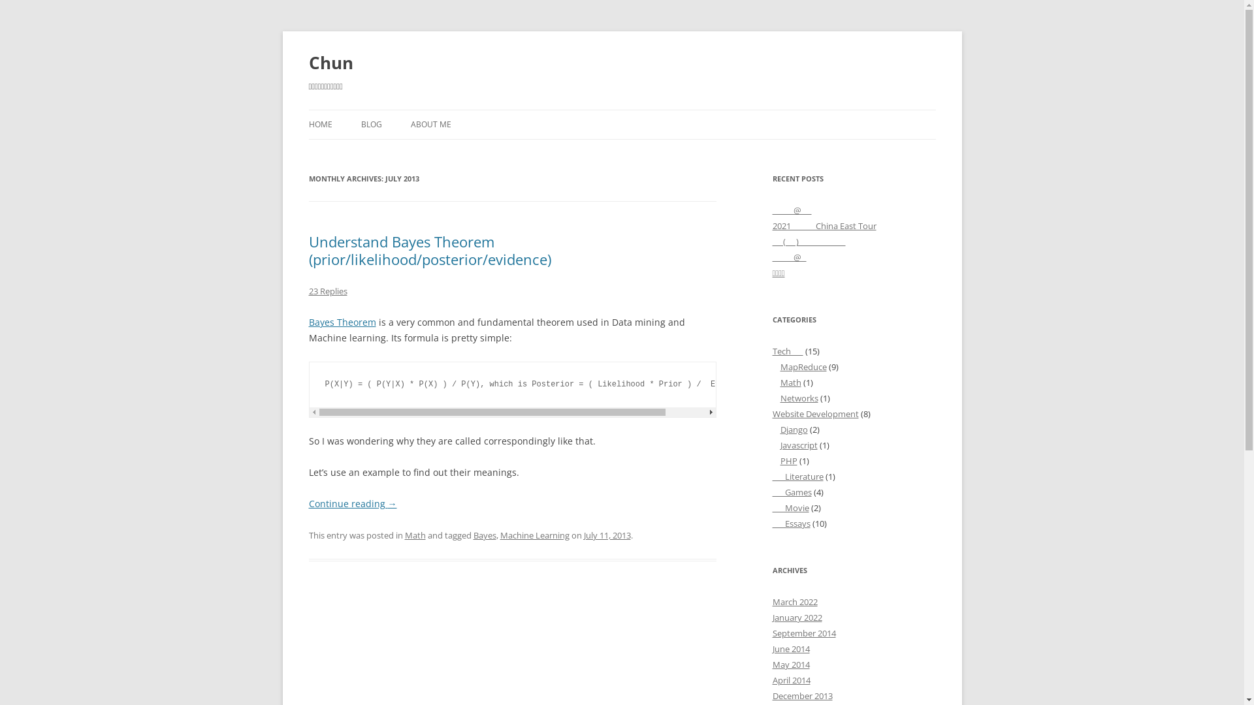 The width and height of the screenshot is (1254, 705). What do you see at coordinates (798, 397) in the screenshot?
I see `'Networks'` at bounding box center [798, 397].